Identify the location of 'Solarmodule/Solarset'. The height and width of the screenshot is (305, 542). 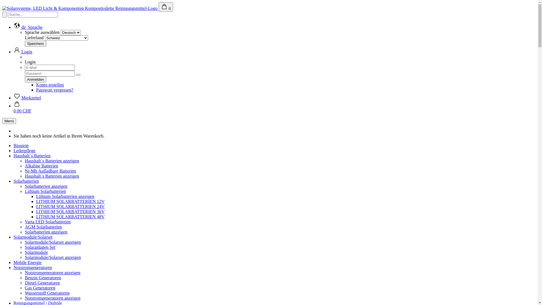
(32, 237).